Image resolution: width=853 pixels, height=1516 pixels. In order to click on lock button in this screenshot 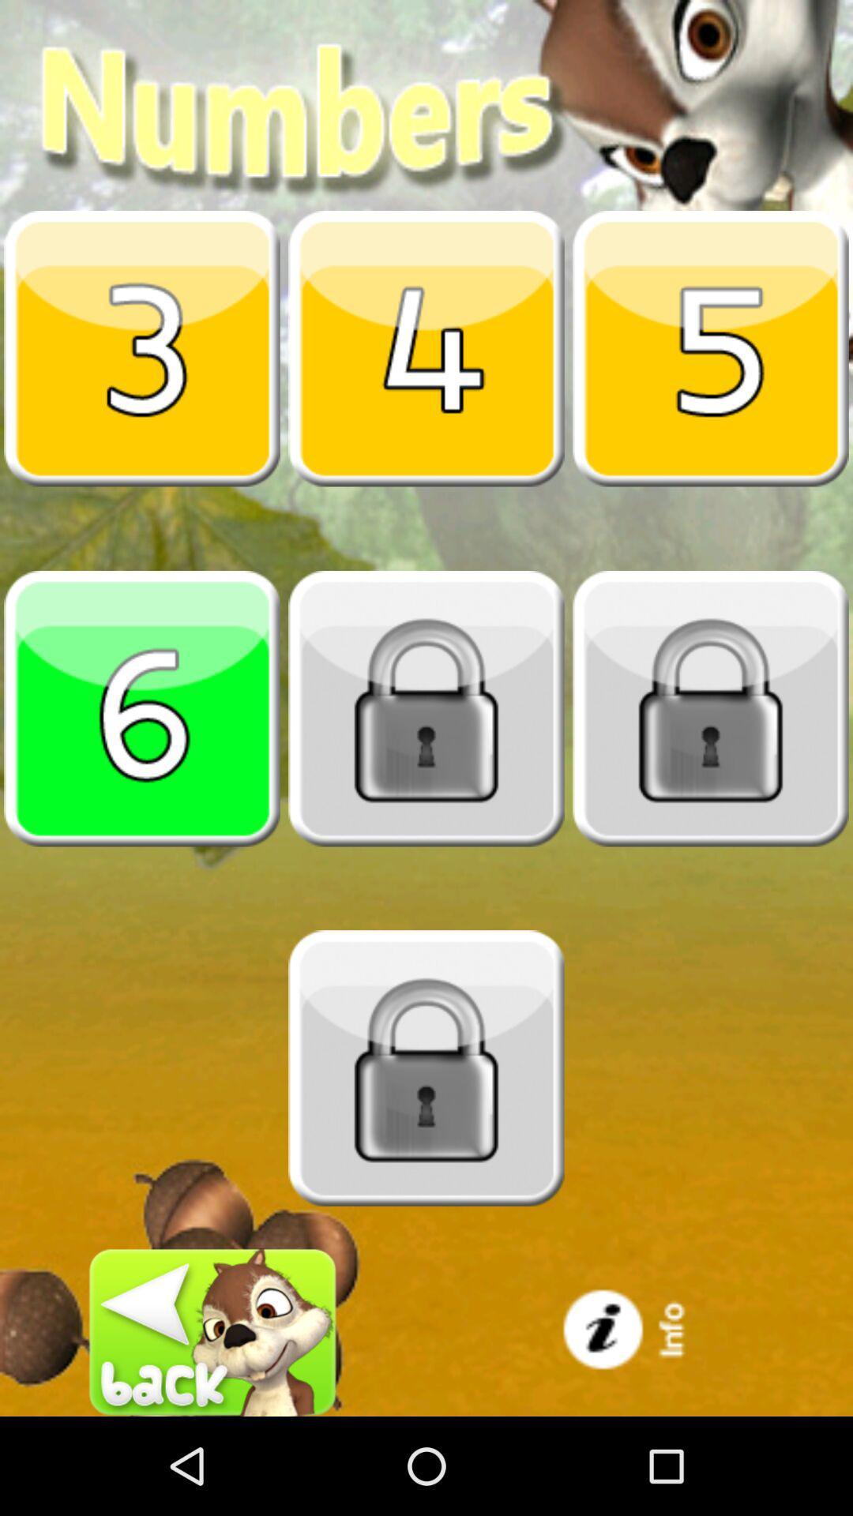, I will do `click(709, 707)`.